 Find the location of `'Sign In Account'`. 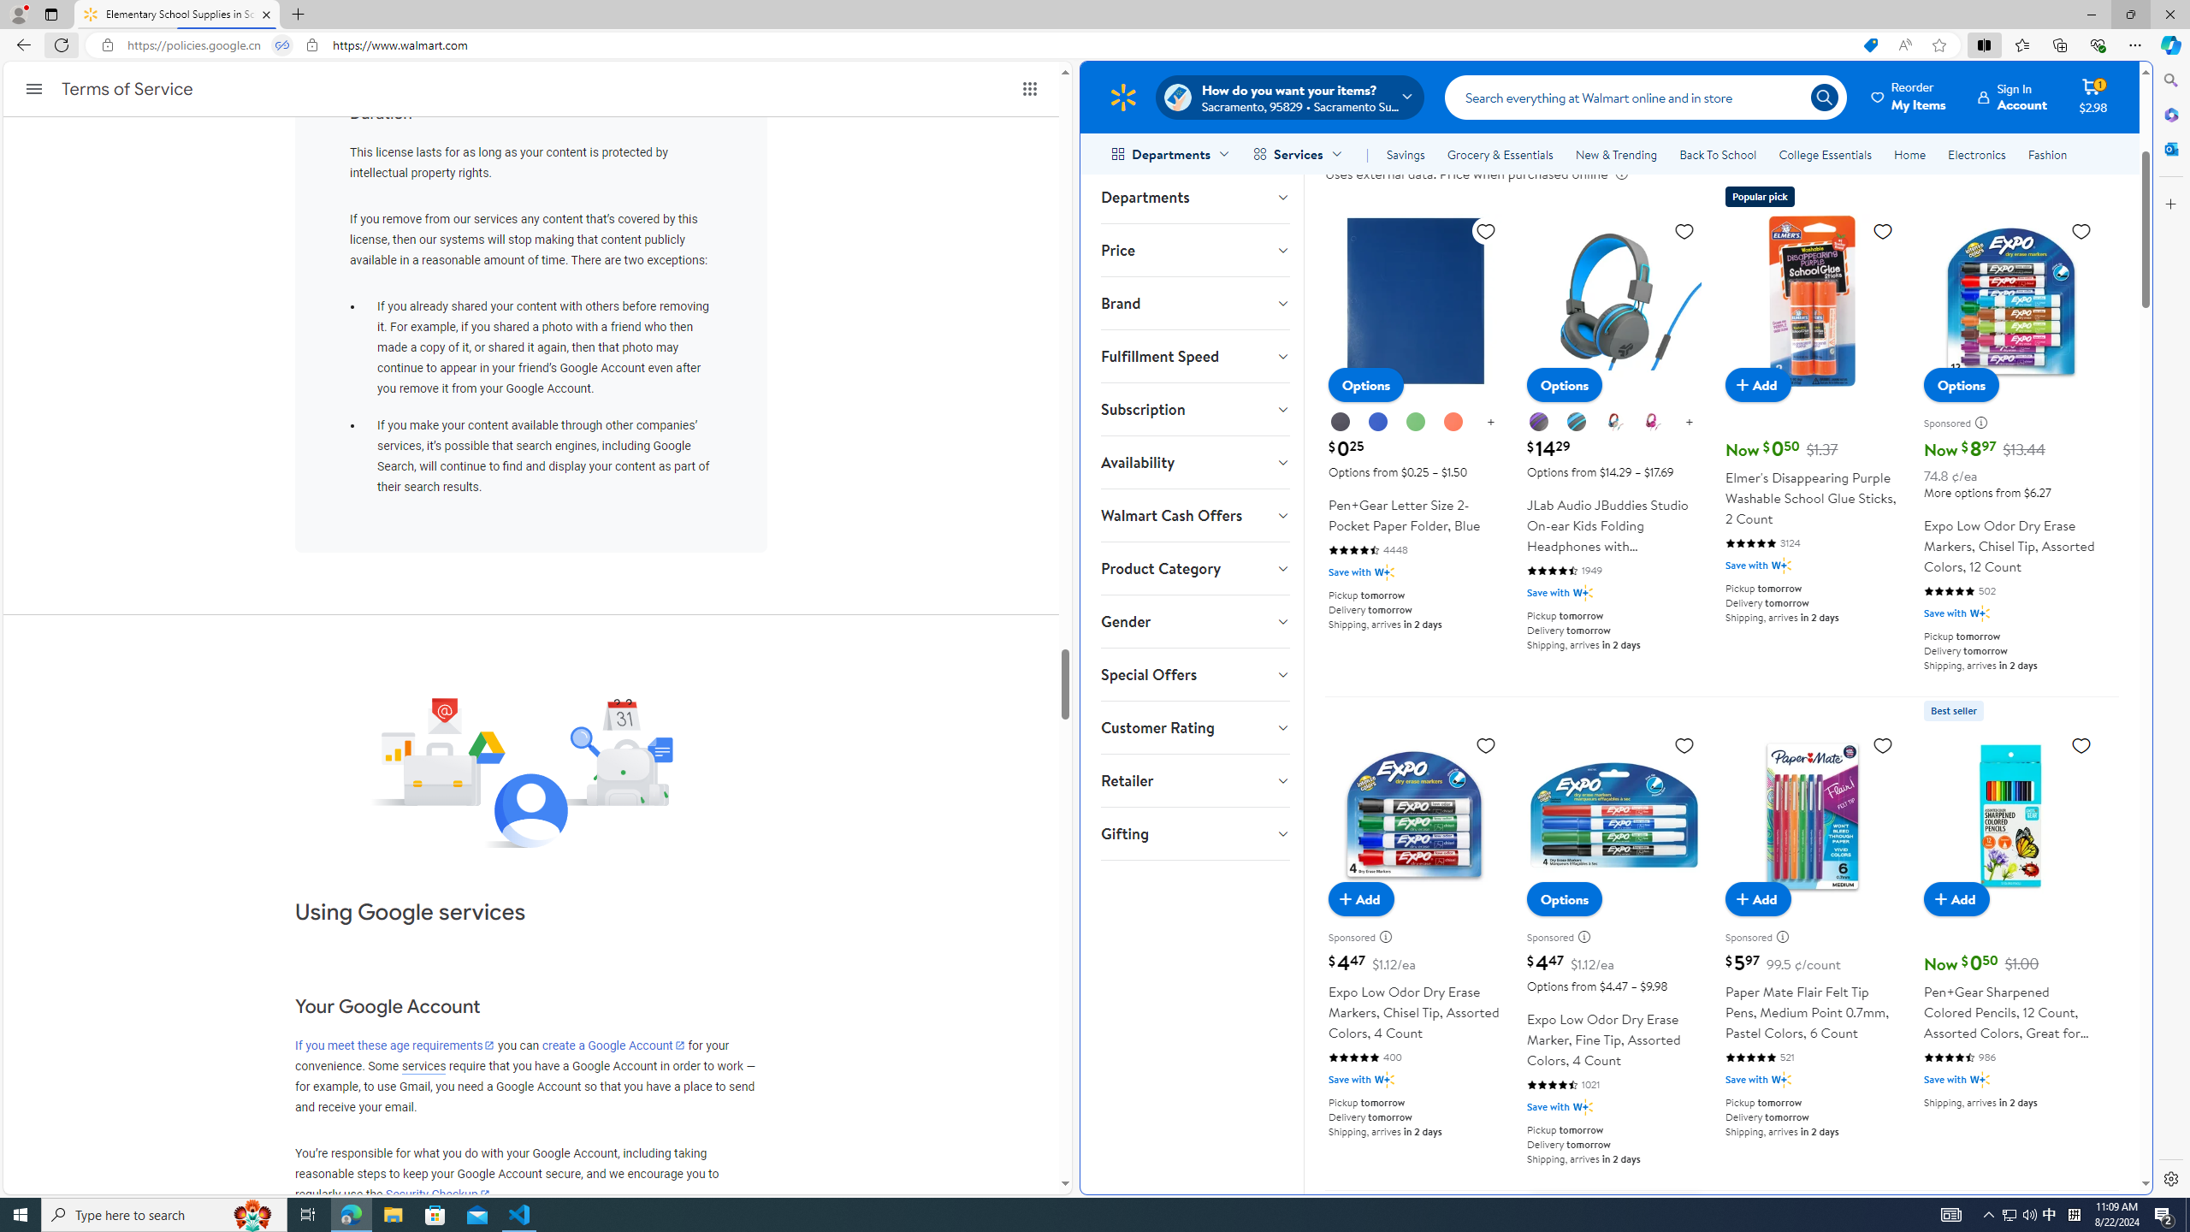

'Sign In Account' is located at coordinates (2012, 96).